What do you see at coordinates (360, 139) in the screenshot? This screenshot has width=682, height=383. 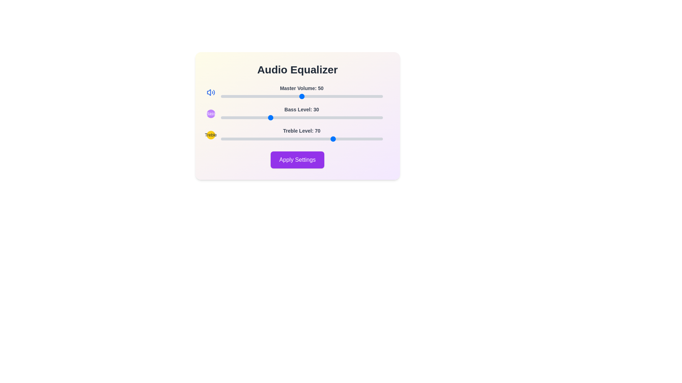 I see `Treble Level` at bounding box center [360, 139].